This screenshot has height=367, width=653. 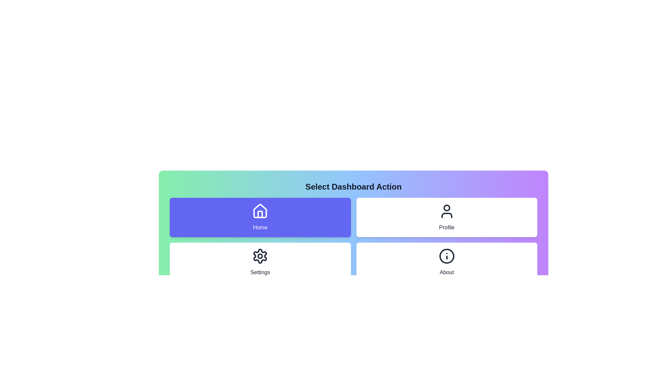 What do you see at coordinates (259, 262) in the screenshot?
I see `the Settings button to observe its visual effect` at bounding box center [259, 262].